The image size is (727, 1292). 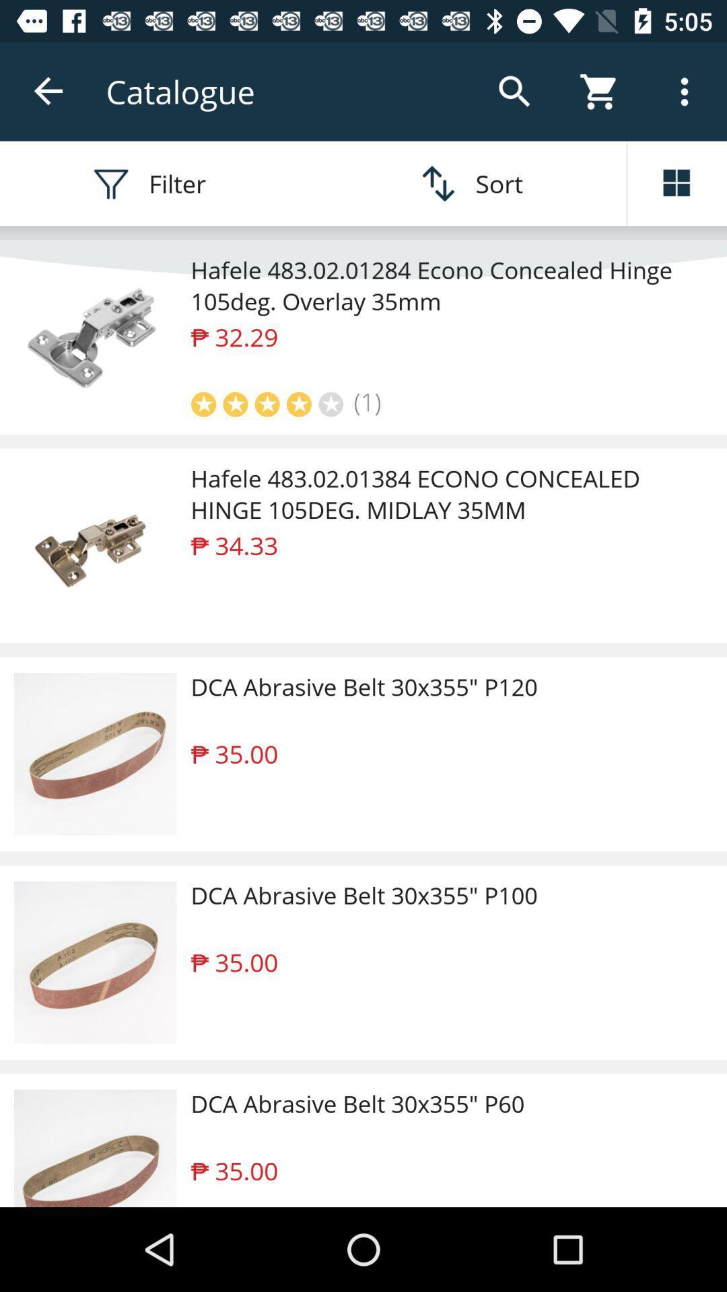 What do you see at coordinates (677, 183) in the screenshot?
I see `open more information` at bounding box center [677, 183].